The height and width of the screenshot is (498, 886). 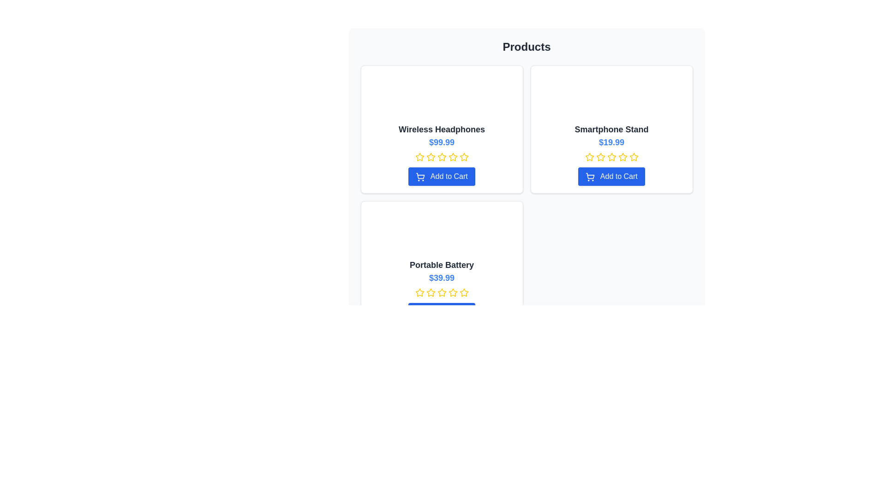 What do you see at coordinates (611, 142) in the screenshot?
I see `the text displaying '$19.99' in bold blue font located in the second card under the 'Products' header, positioned below 'Smartphone Stand'` at bounding box center [611, 142].